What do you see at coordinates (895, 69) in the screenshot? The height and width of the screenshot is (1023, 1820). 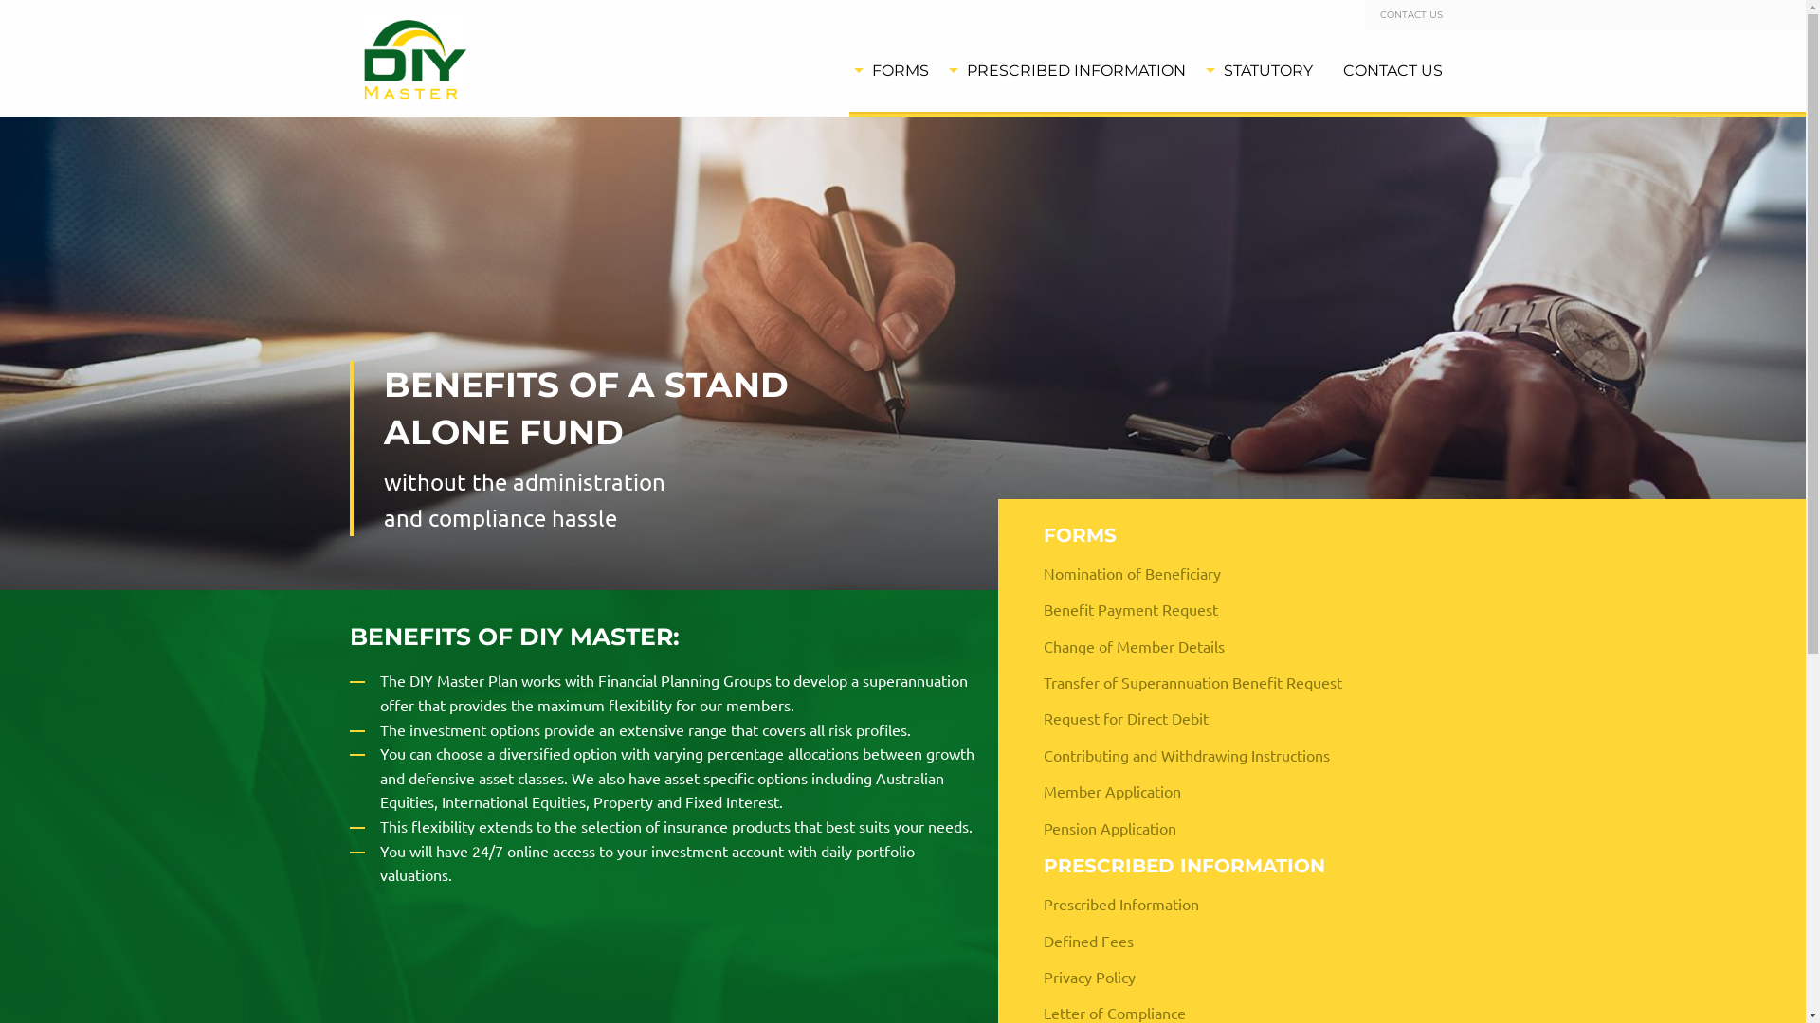 I see `'FORMS'` at bounding box center [895, 69].